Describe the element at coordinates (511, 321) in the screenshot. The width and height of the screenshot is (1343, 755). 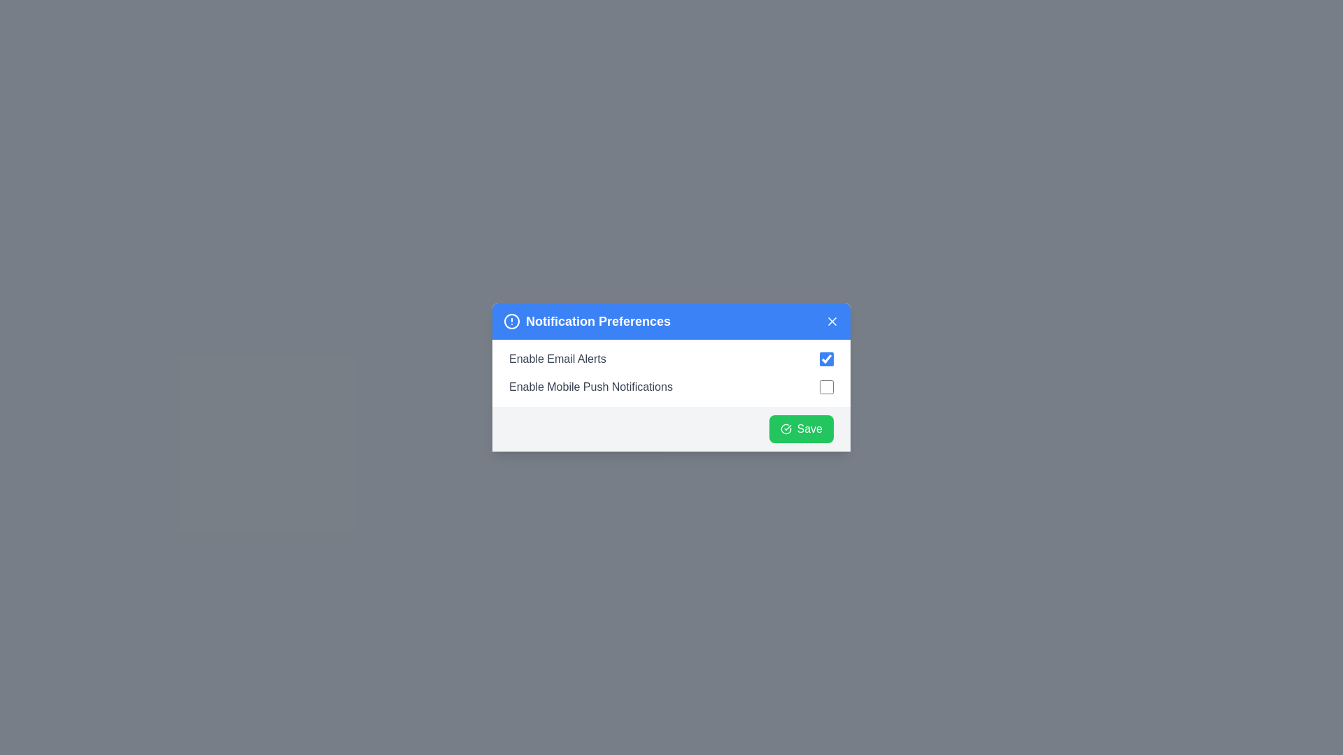
I see `the circular icon filled with a contrasting color, located in the header section of the 'Notification Preferences' modal, next to the header text` at that location.